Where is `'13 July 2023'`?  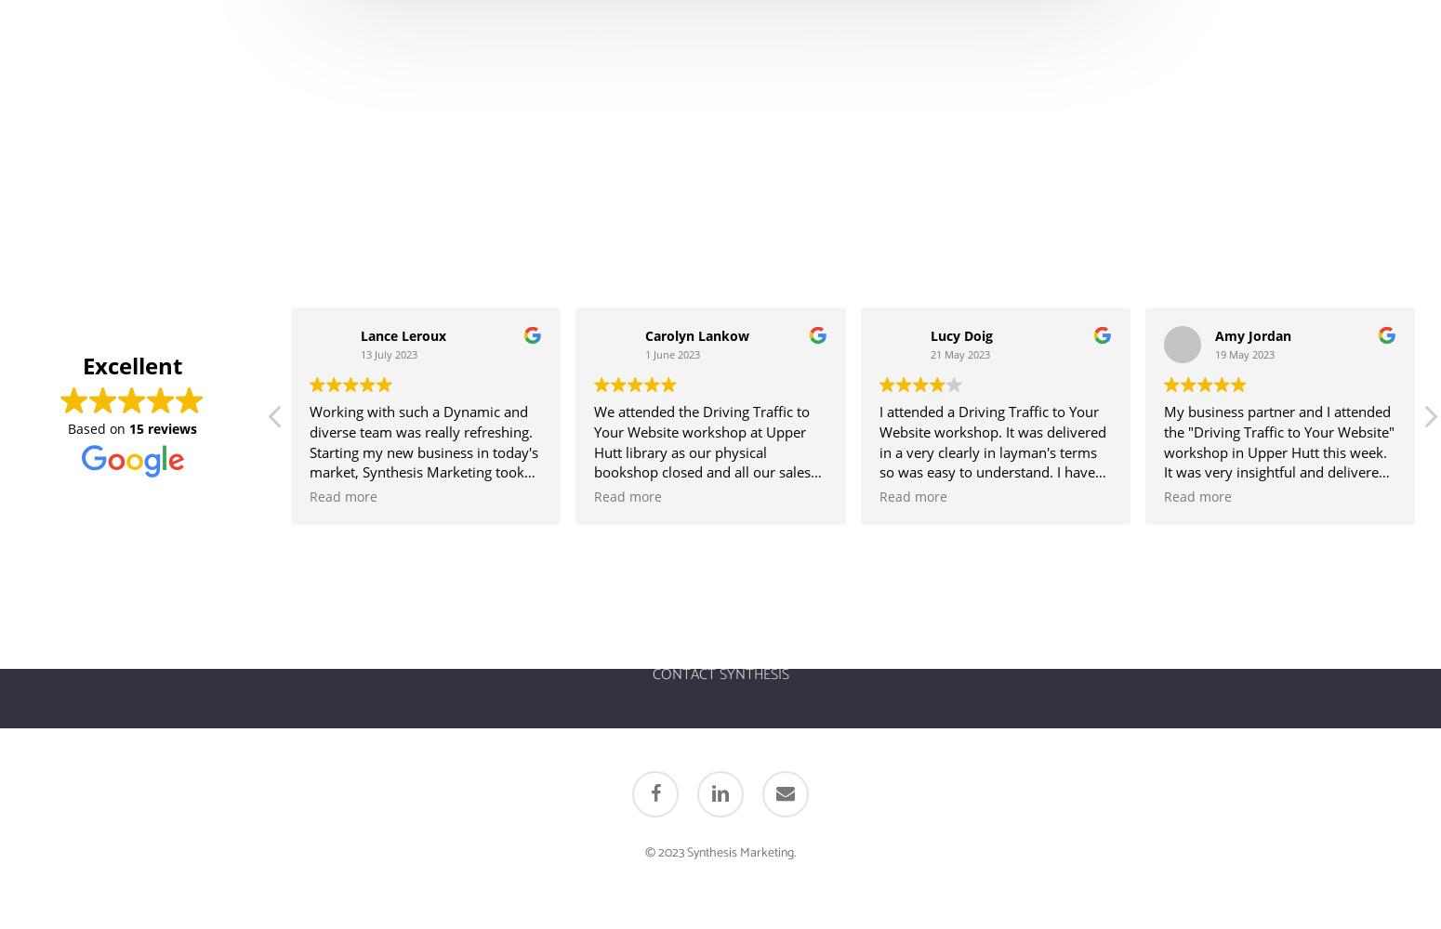 '13 July 2023' is located at coordinates (389, 353).